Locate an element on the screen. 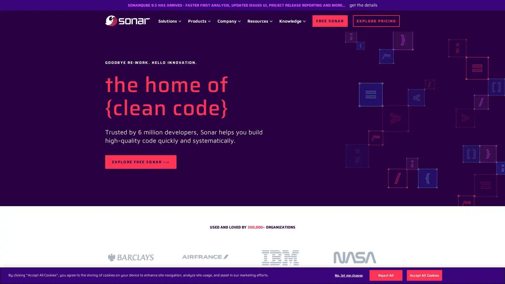 The height and width of the screenshot is (284, 505). Accept All Cookies is located at coordinates (424, 275).